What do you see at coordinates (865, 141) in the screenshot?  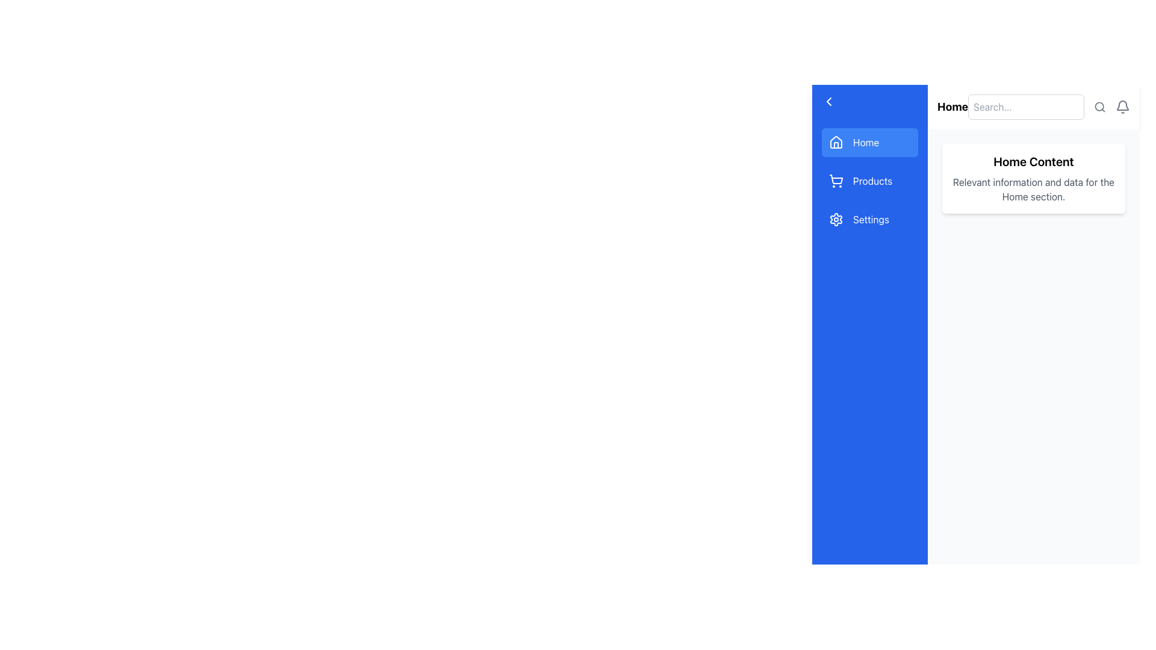 I see `the 'Home' text label` at bounding box center [865, 141].